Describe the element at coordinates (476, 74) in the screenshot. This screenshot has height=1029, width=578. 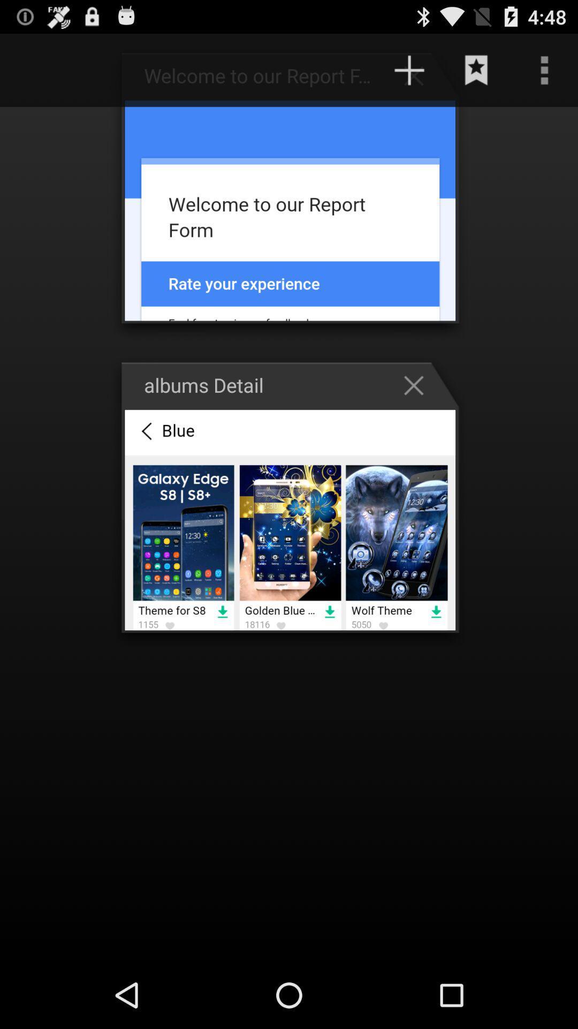
I see `the bookmark icon` at that location.